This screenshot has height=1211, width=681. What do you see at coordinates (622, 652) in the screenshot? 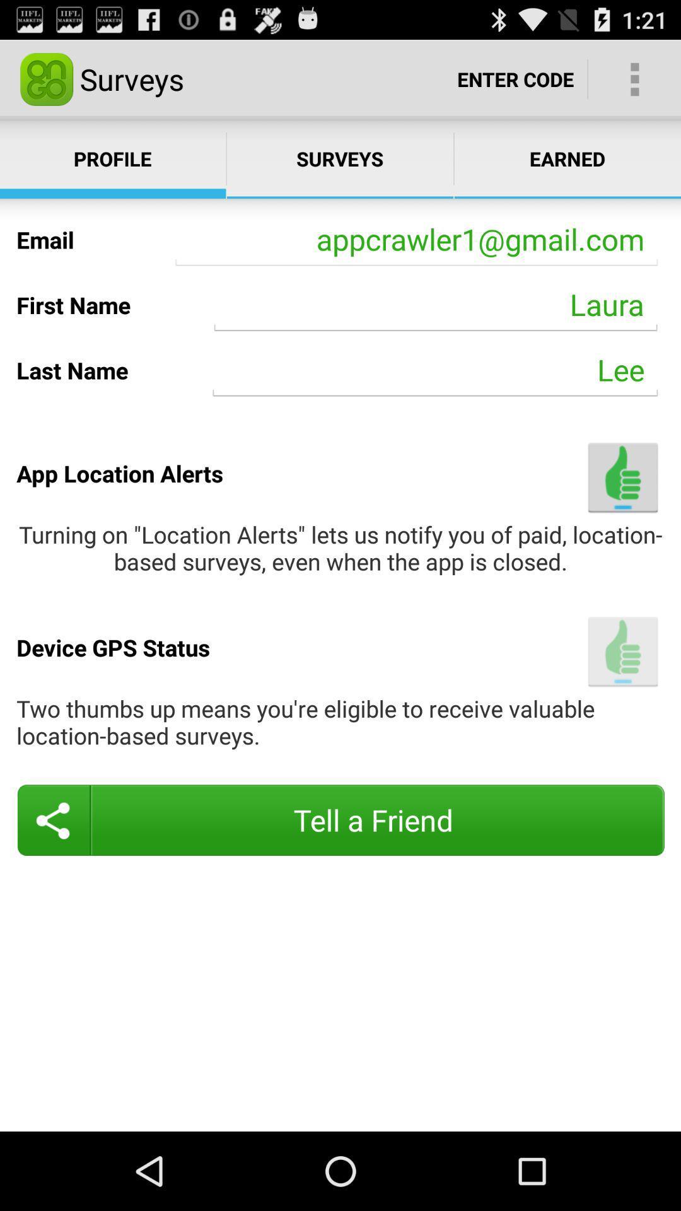
I see `thumb up button` at bounding box center [622, 652].